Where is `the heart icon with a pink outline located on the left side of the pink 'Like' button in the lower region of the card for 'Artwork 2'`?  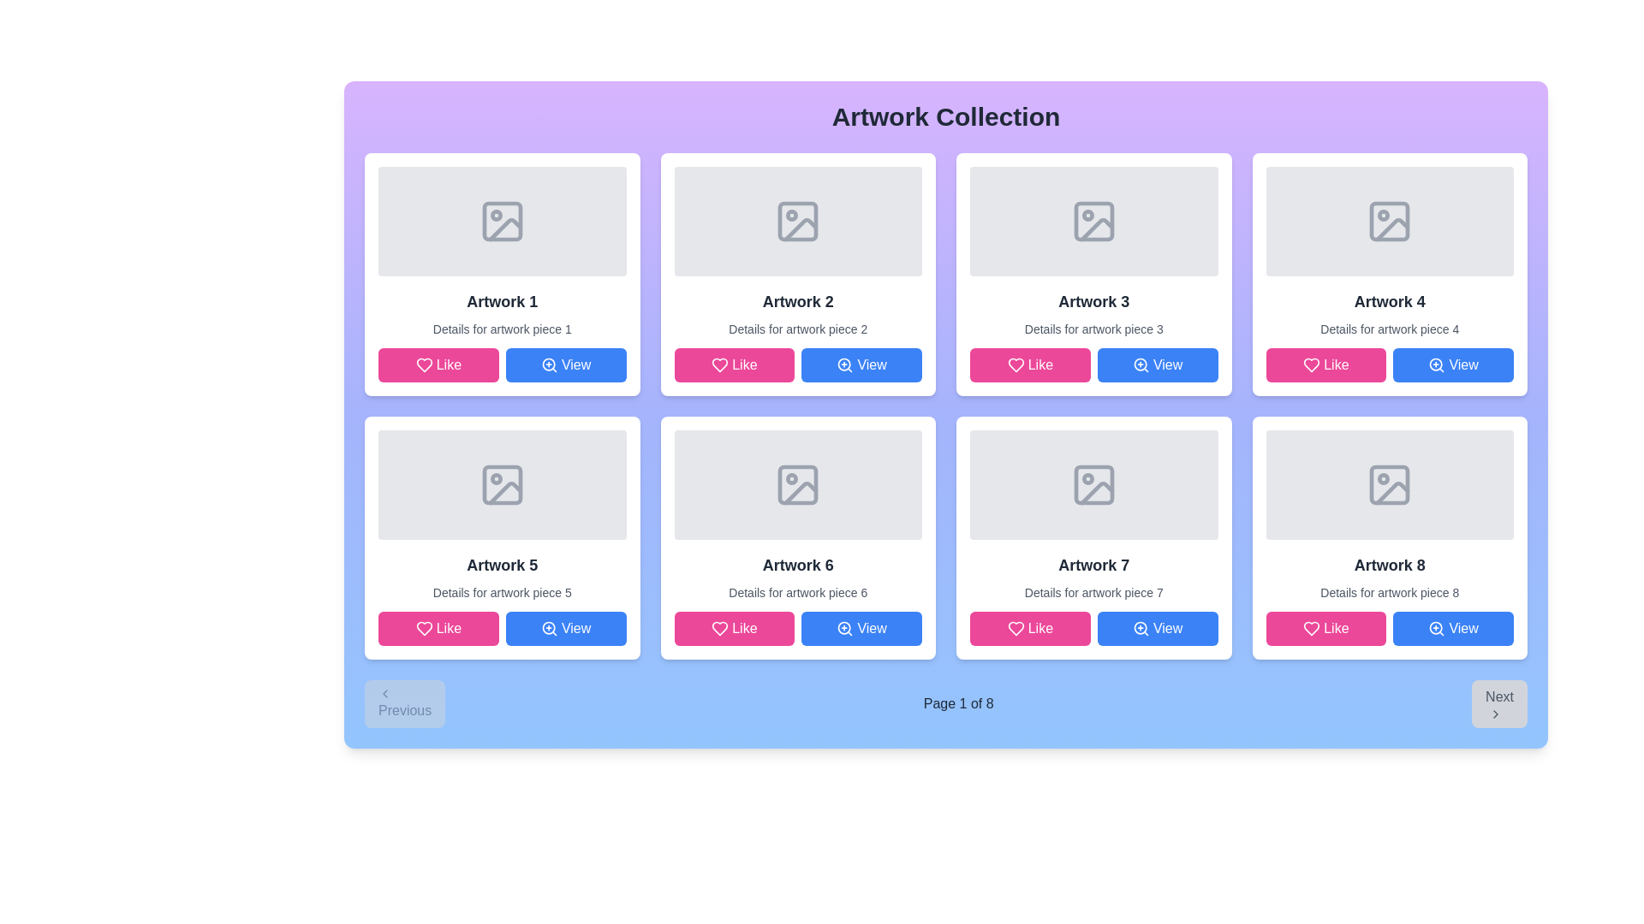
the heart icon with a pink outline located on the left side of the pink 'Like' button in the lower region of the card for 'Artwork 2' is located at coordinates (720, 364).